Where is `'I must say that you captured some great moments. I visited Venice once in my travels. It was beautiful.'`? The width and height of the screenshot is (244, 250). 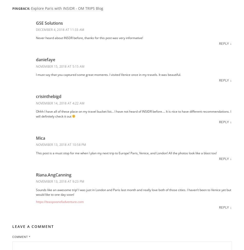
'I must say that you captured some great moments. I visited Venice once in my travels. It was beautiful.' is located at coordinates (108, 75).